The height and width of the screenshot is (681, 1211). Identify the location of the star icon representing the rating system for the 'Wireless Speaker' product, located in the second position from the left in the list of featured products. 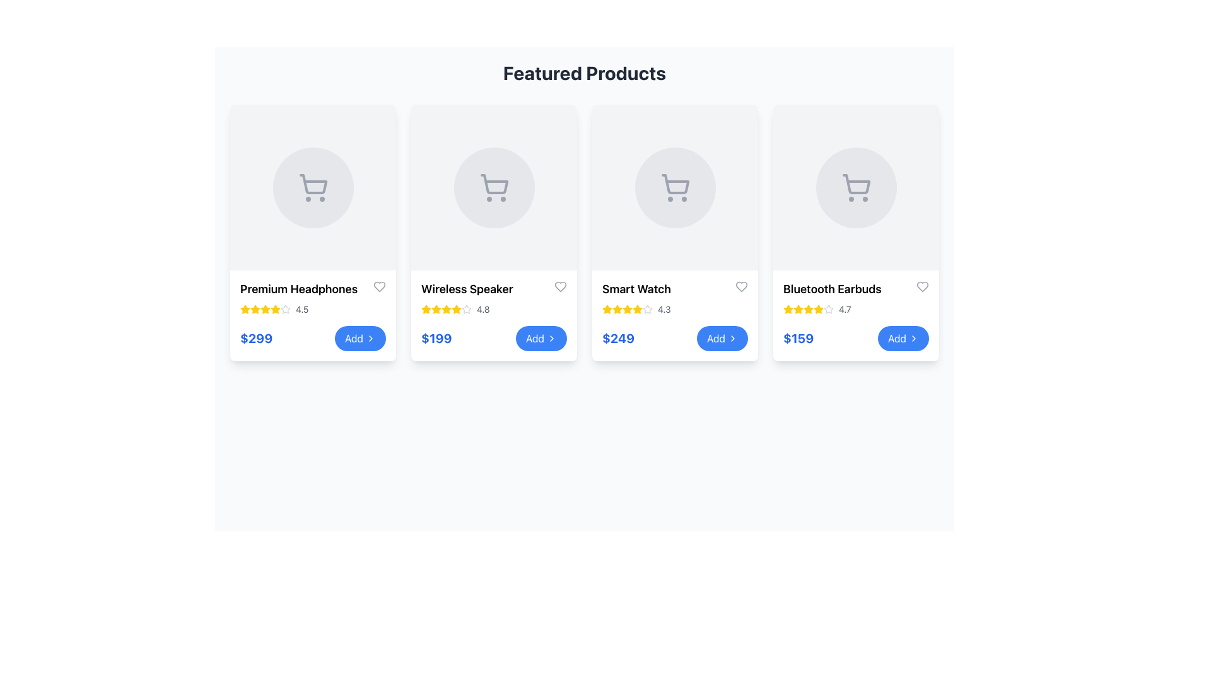
(456, 309).